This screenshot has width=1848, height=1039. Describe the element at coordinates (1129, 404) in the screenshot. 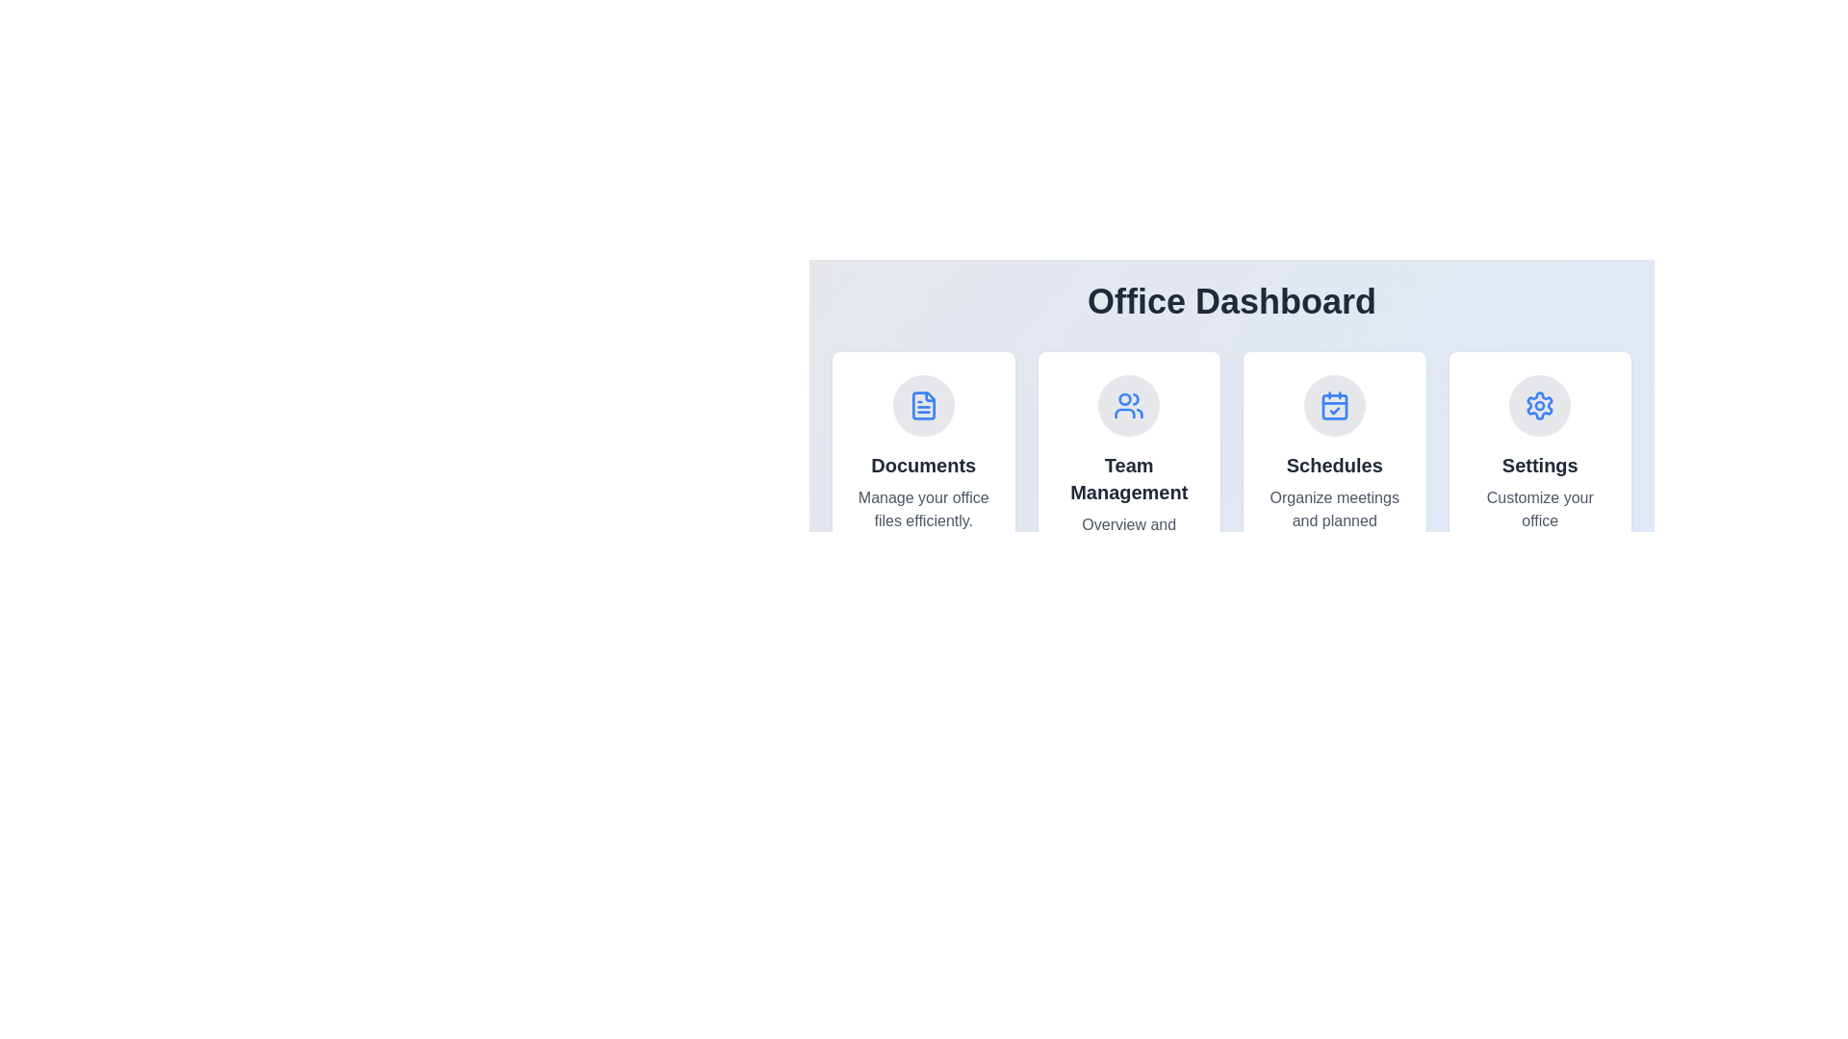

I see `the 'Team Management' icon located in the second card from the left under the 'Office Dashboard' heading, which is represented by a circular grayish background` at that location.